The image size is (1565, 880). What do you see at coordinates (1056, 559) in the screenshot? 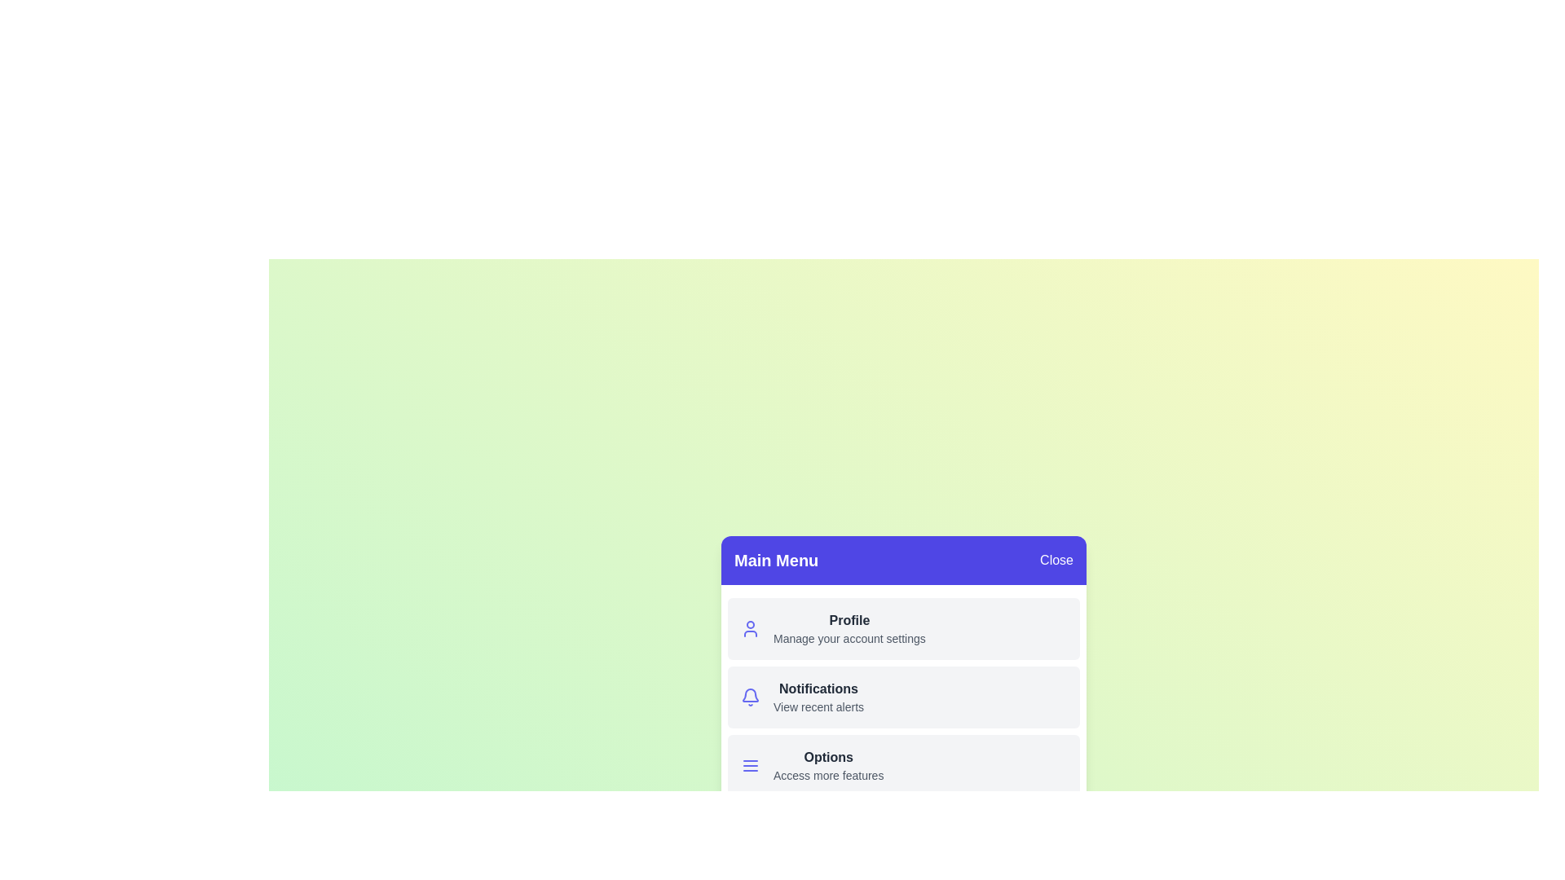
I see `the 'Close' button in the header to toggle the menu` at bounding box center [1056, 559].